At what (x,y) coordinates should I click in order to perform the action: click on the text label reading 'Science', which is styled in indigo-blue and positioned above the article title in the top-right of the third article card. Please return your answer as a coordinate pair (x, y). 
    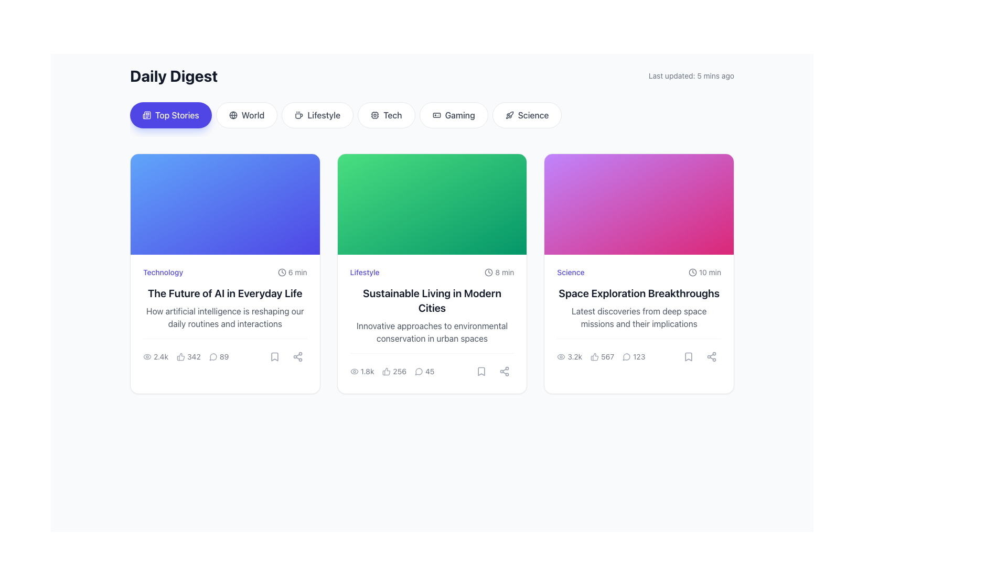
    Looking at the image, I should click on (570, 272).